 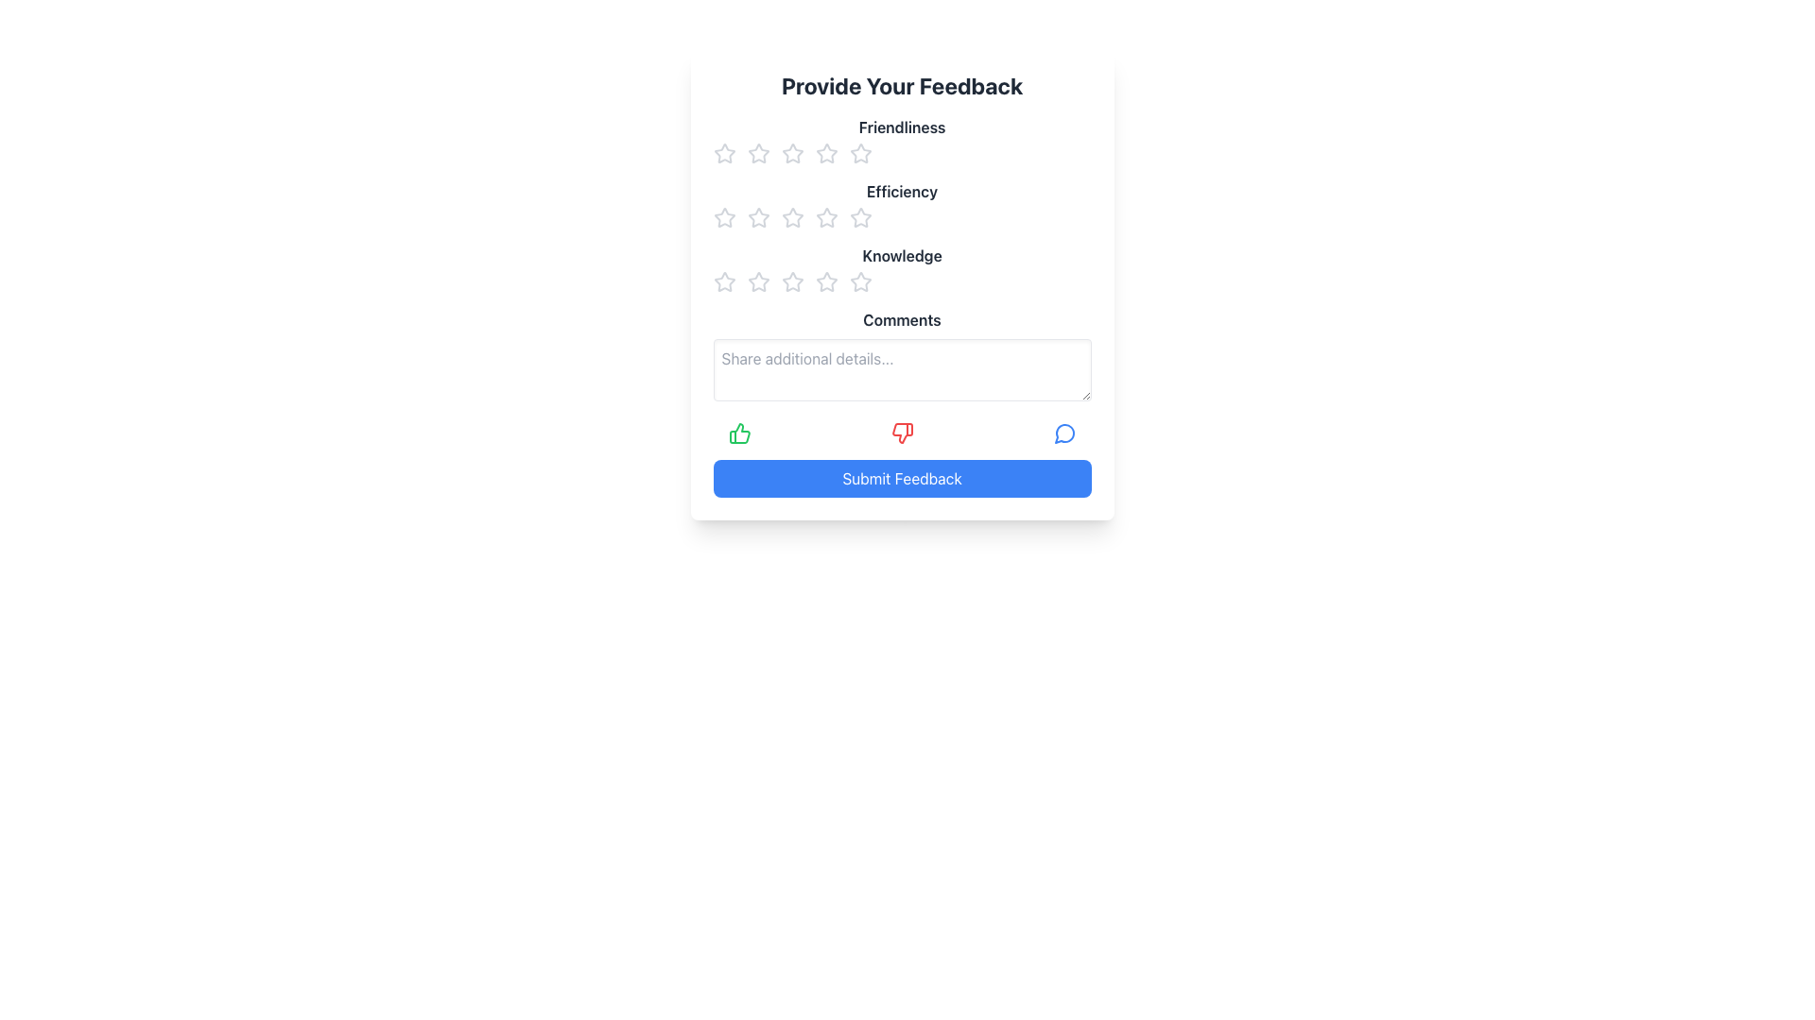 I want to click on the second outlined star icon in the rating system for the 'Friendliness' category to provide a rating, so click(x=792, y=152).